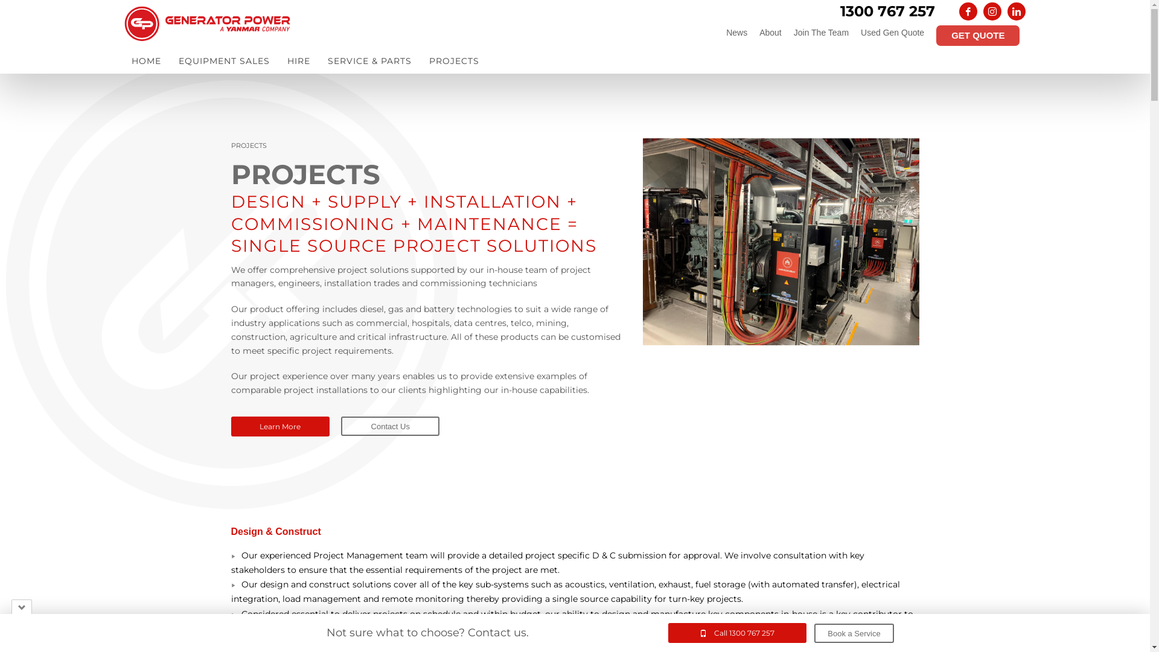 Image resolution: width=1159 pixels, height=652 pixels. I want to click on 'Join The Team', so click(821, 32).